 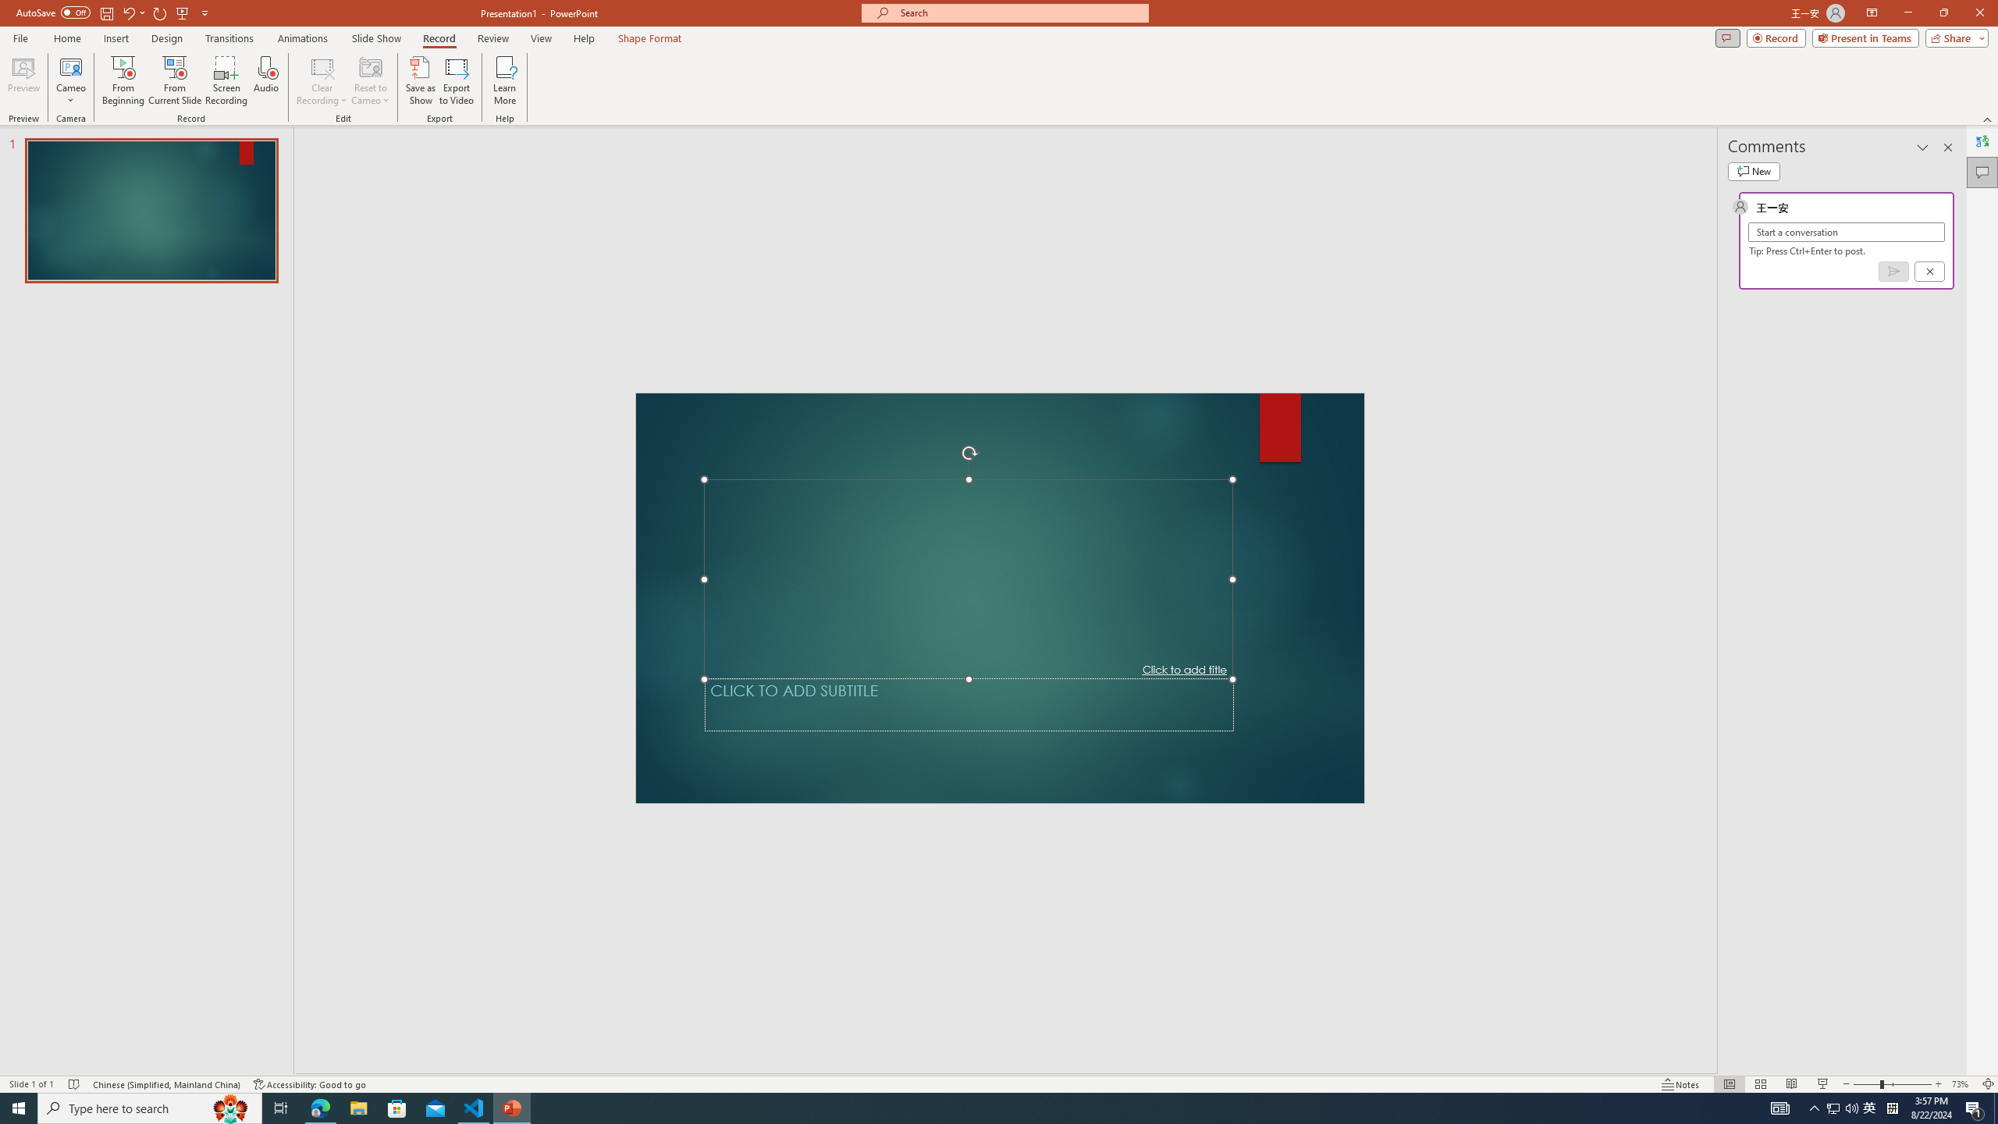 What do you see at coordinates (1673, 1061) in the screenshot?
I see `'Read Mode'` at bounding box center [1673, 1061].